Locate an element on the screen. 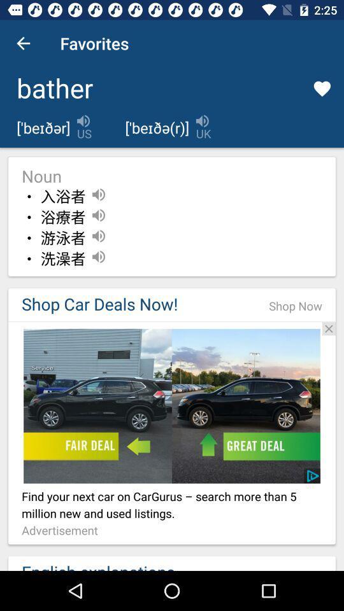  the icon to the top right corner of the image is located at coordinates (329, 328).